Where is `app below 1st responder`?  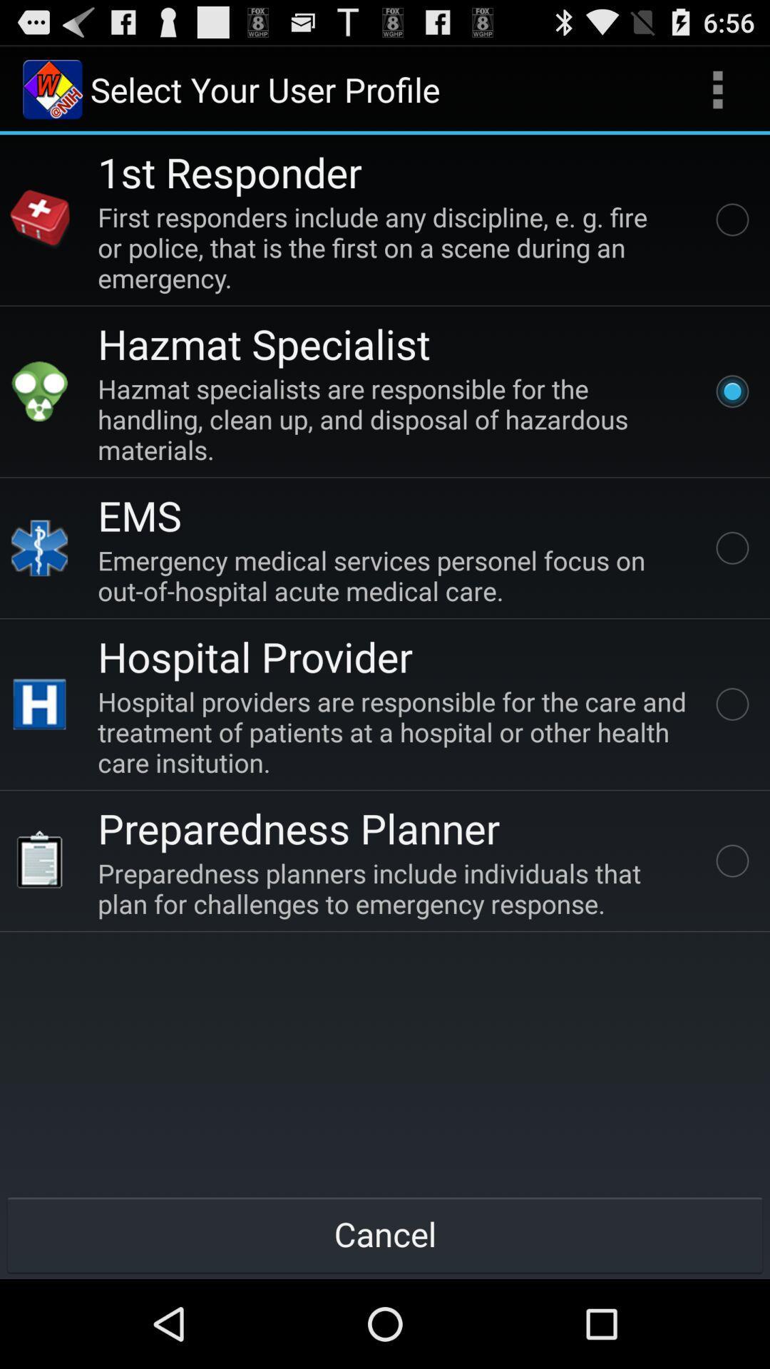
app below 1st responder is located at coordinates (395, 247).